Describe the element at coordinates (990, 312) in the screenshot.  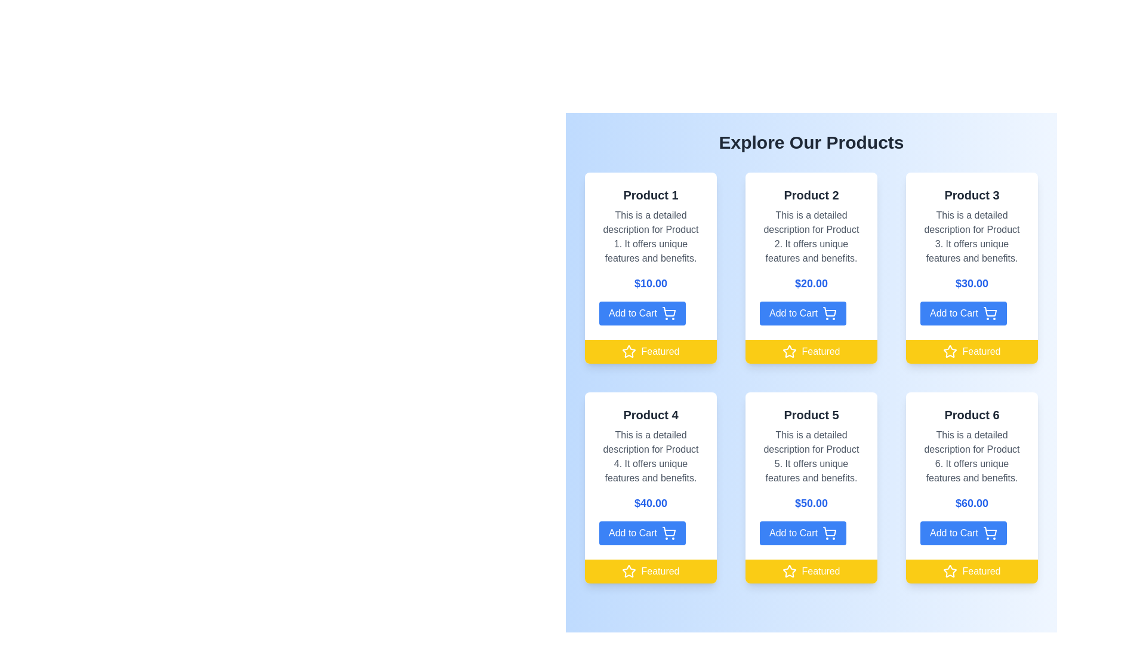
I see `the shopping cart icon located inside the 'Add to Cart' button for Product 3, which is positioned in the top right section of the interface` at that location.